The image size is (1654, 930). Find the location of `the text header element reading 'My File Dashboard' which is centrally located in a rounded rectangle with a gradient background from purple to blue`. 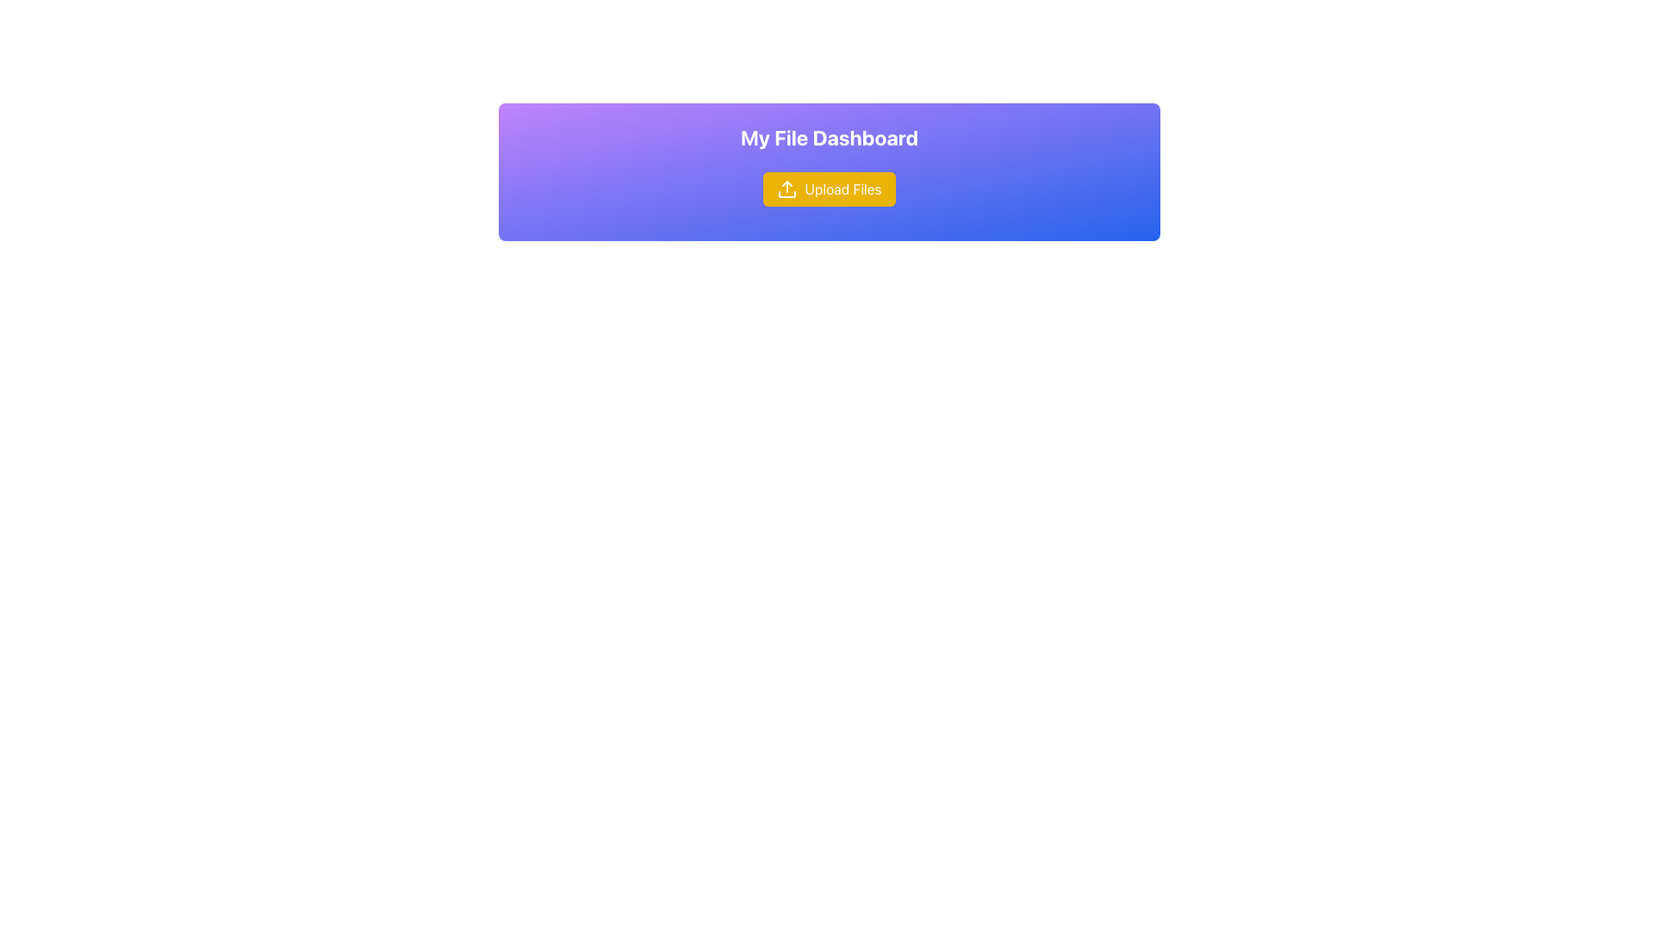

the text header element reading 'My File Dashboard' which is centrally located in a rounded rectangle with a gradient background from purple to blue is located at coordinates (830, 136).